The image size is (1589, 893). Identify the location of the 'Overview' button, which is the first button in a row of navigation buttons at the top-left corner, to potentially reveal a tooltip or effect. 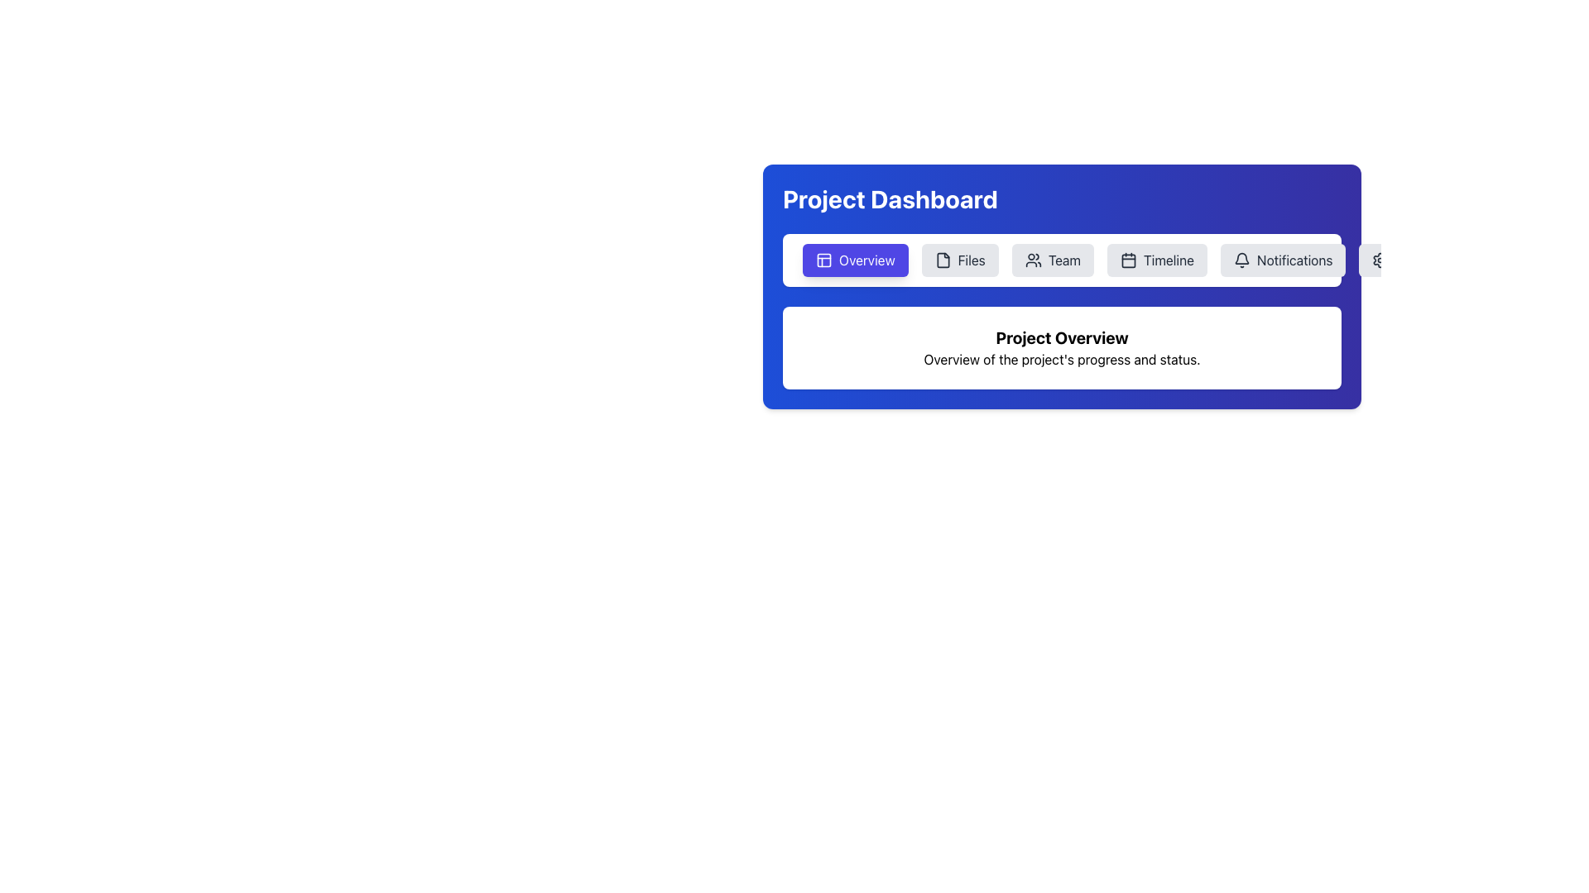
(855, 260).